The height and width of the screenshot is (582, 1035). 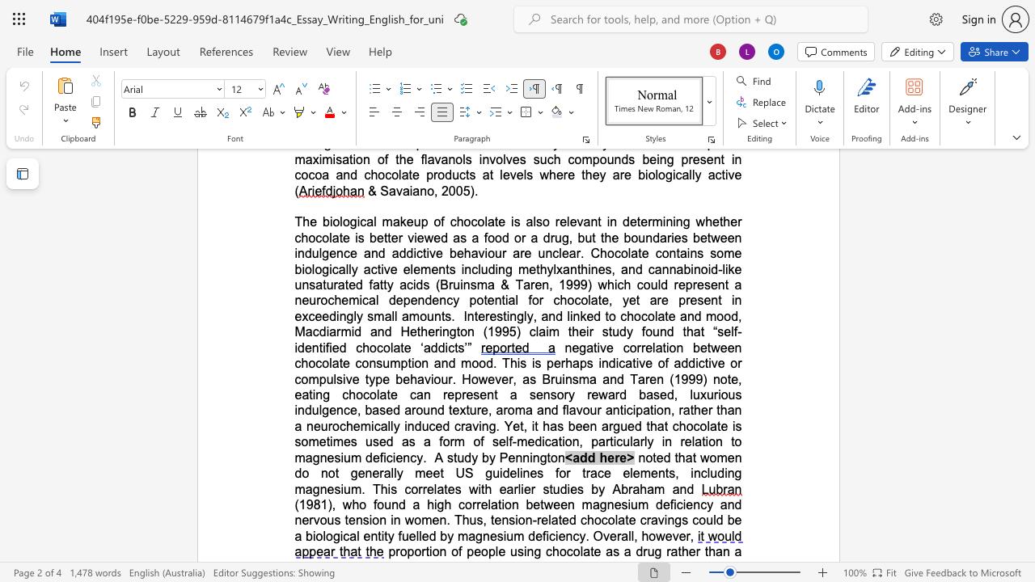 What do you see at coordinates (579, 347) in the screenshot?
I see `the space between the continuous character "e" and "g" in the text` at bounding box center [579, 347].